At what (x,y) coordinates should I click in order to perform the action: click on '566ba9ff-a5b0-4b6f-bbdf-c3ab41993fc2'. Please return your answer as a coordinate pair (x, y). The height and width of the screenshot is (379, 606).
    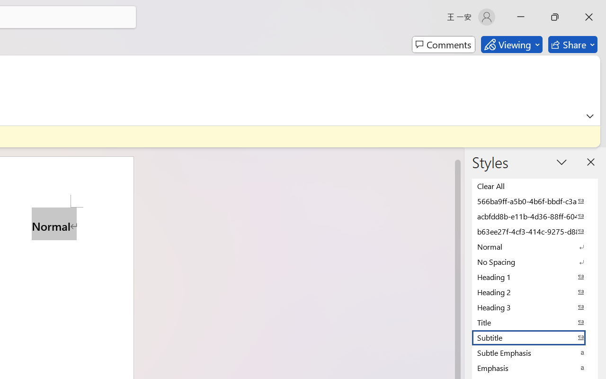
    Looking at the image, I should click on (535, 201).